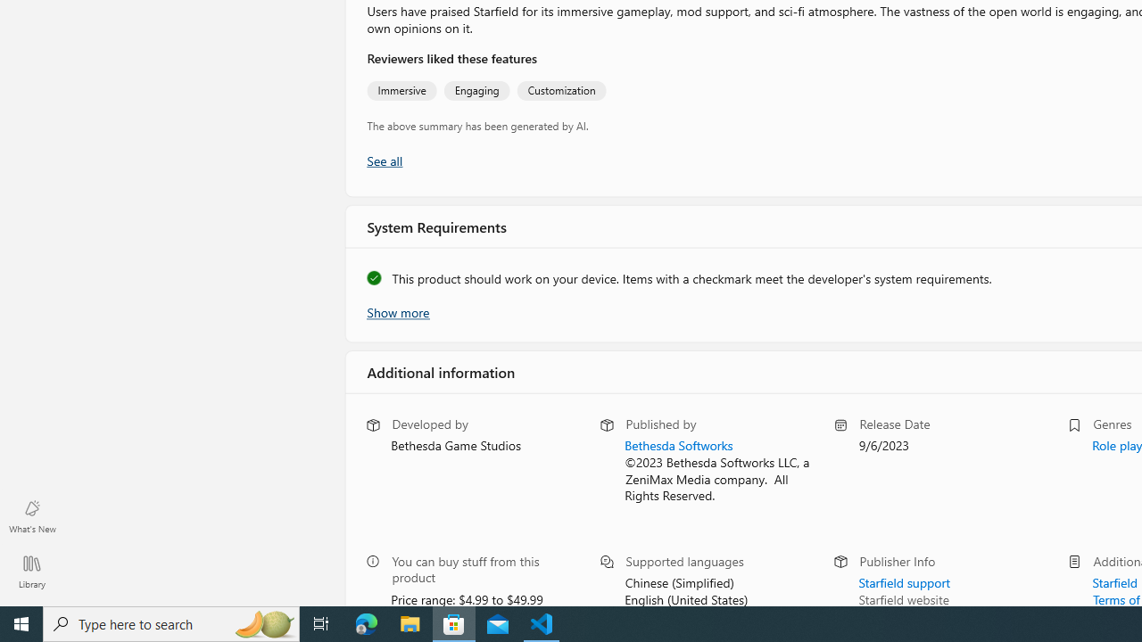  Describe the element at coordinates (677, 444) in the screenshot. I see `'Bethesda Softworks'` at that location.